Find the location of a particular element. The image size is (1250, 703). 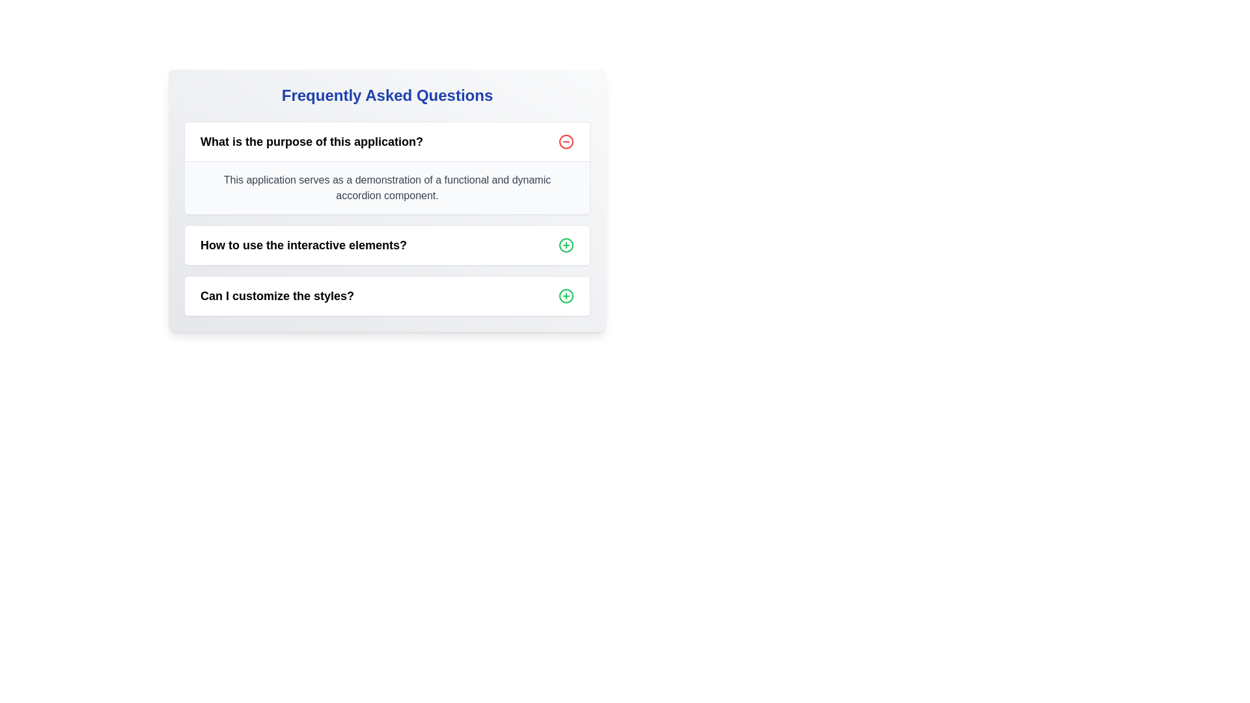

the Text label that provides a title or question in the FAQ section, located between the questions 'What is the purpose of this application?' and 'Can I customize the styles?' is located at coordinates (303, 245).